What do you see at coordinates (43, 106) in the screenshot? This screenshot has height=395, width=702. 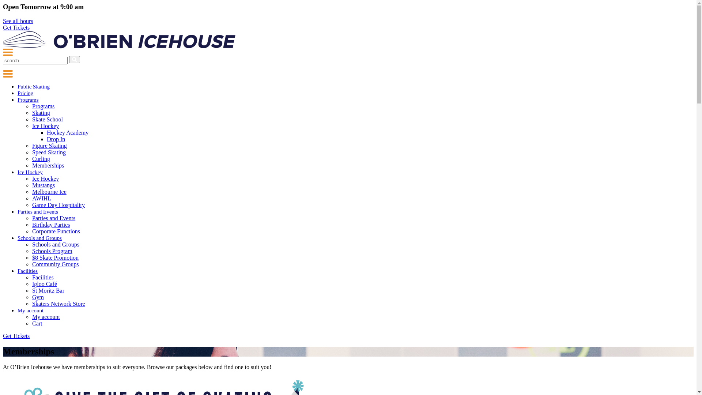 I see `'Programs'` at bounding box center [43, 106].